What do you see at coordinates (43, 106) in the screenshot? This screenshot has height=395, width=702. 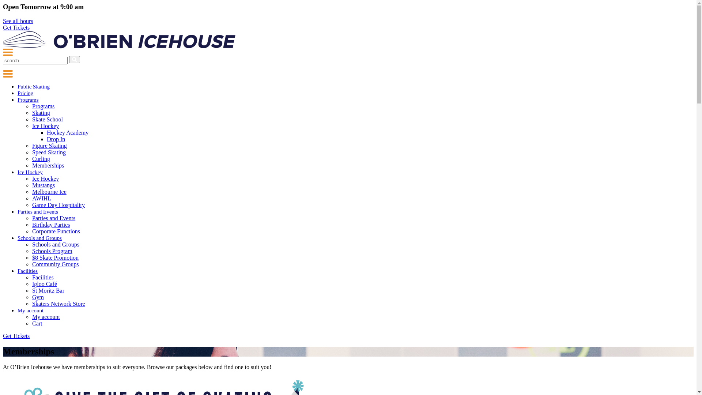 I see `'Programs'` at bounding box center [43, 106].